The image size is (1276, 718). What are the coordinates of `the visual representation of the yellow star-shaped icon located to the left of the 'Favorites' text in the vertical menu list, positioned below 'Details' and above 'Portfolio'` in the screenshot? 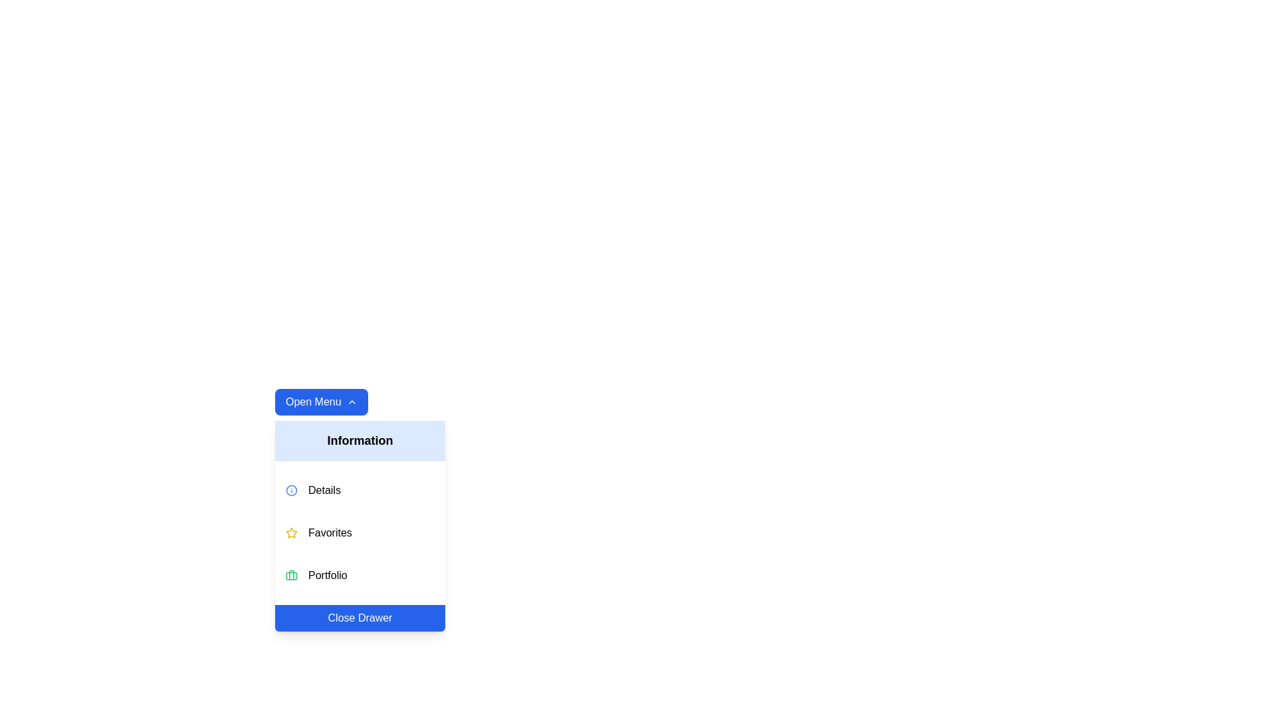 It's located at (290, 532).